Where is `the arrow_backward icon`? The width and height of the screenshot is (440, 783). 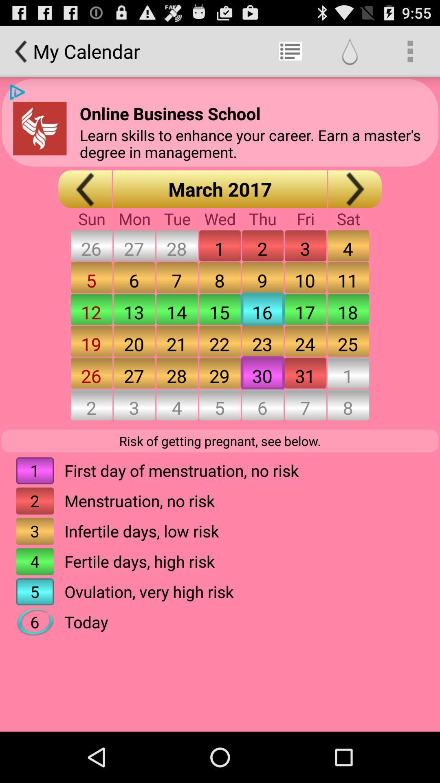
the arrow_backward icon is located at coordinates (85, 202).